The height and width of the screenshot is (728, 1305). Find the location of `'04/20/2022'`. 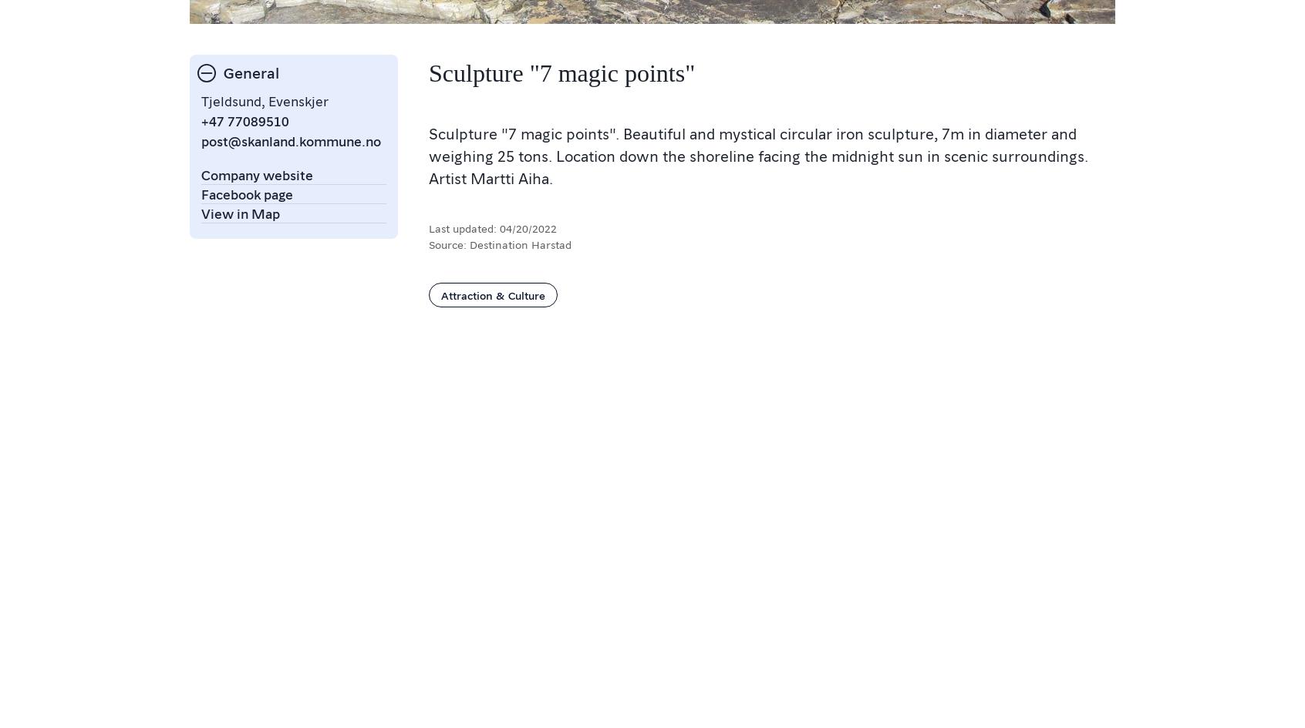

'04/20/2022' is located at coordinates (528, 227).